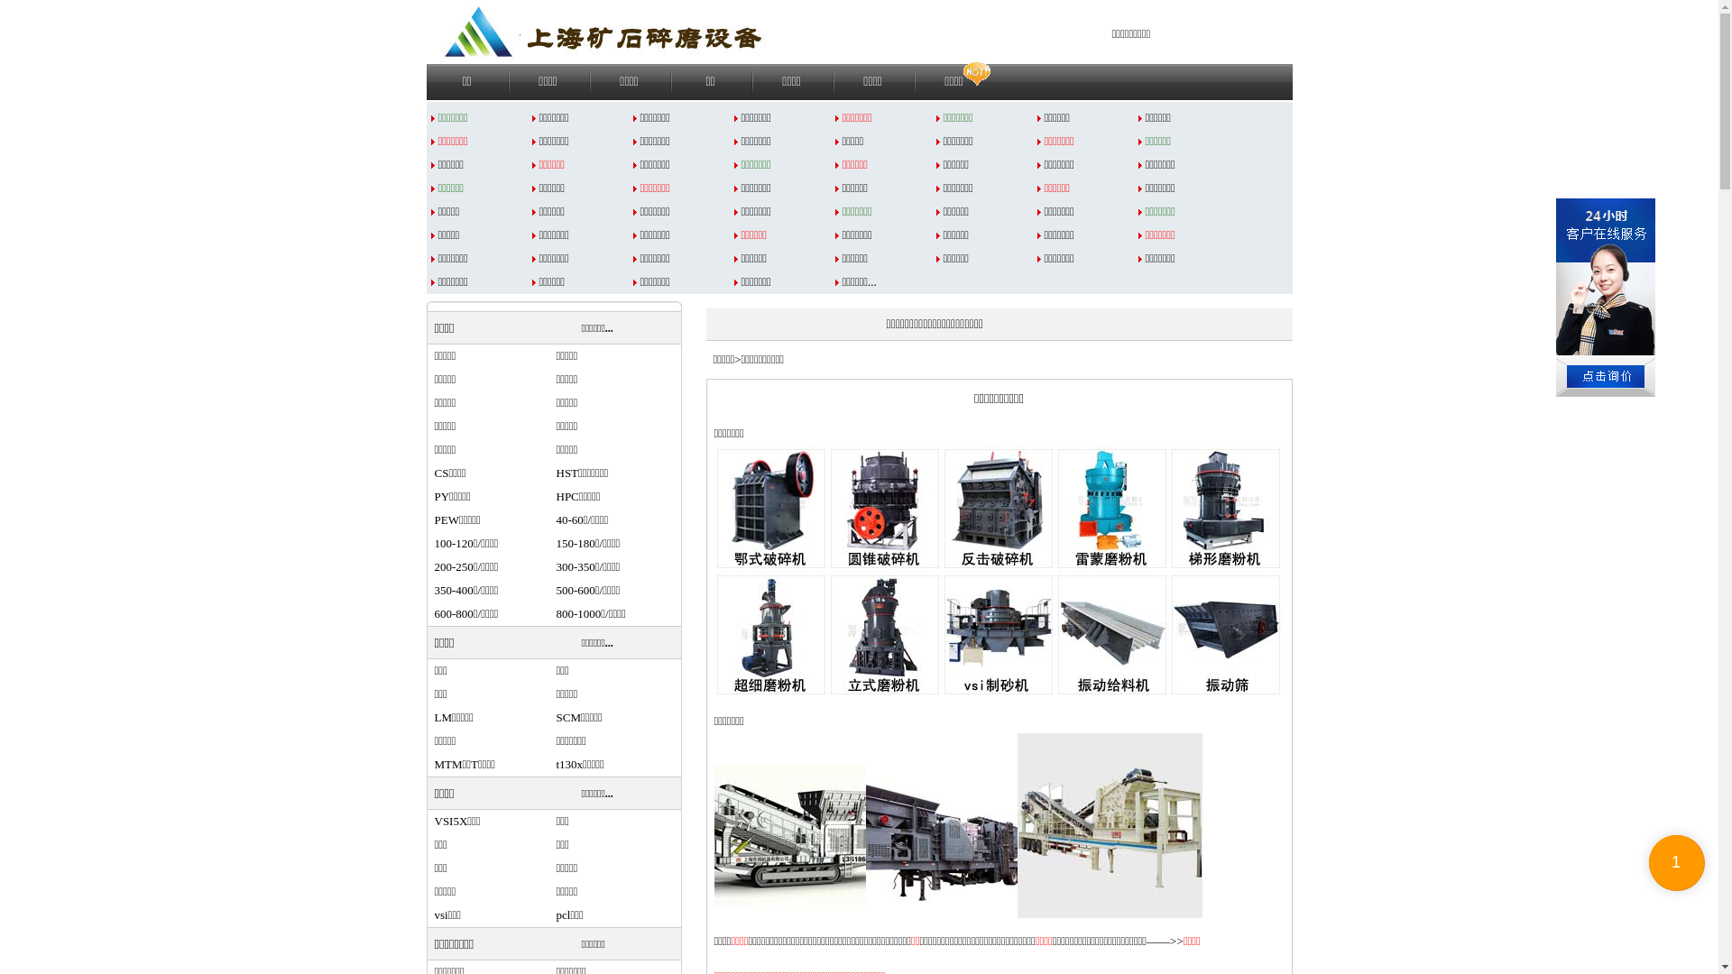 Image resolution: width=1732 pixels, height=974 pixels. I want to click on '1', so click(1675, 861).